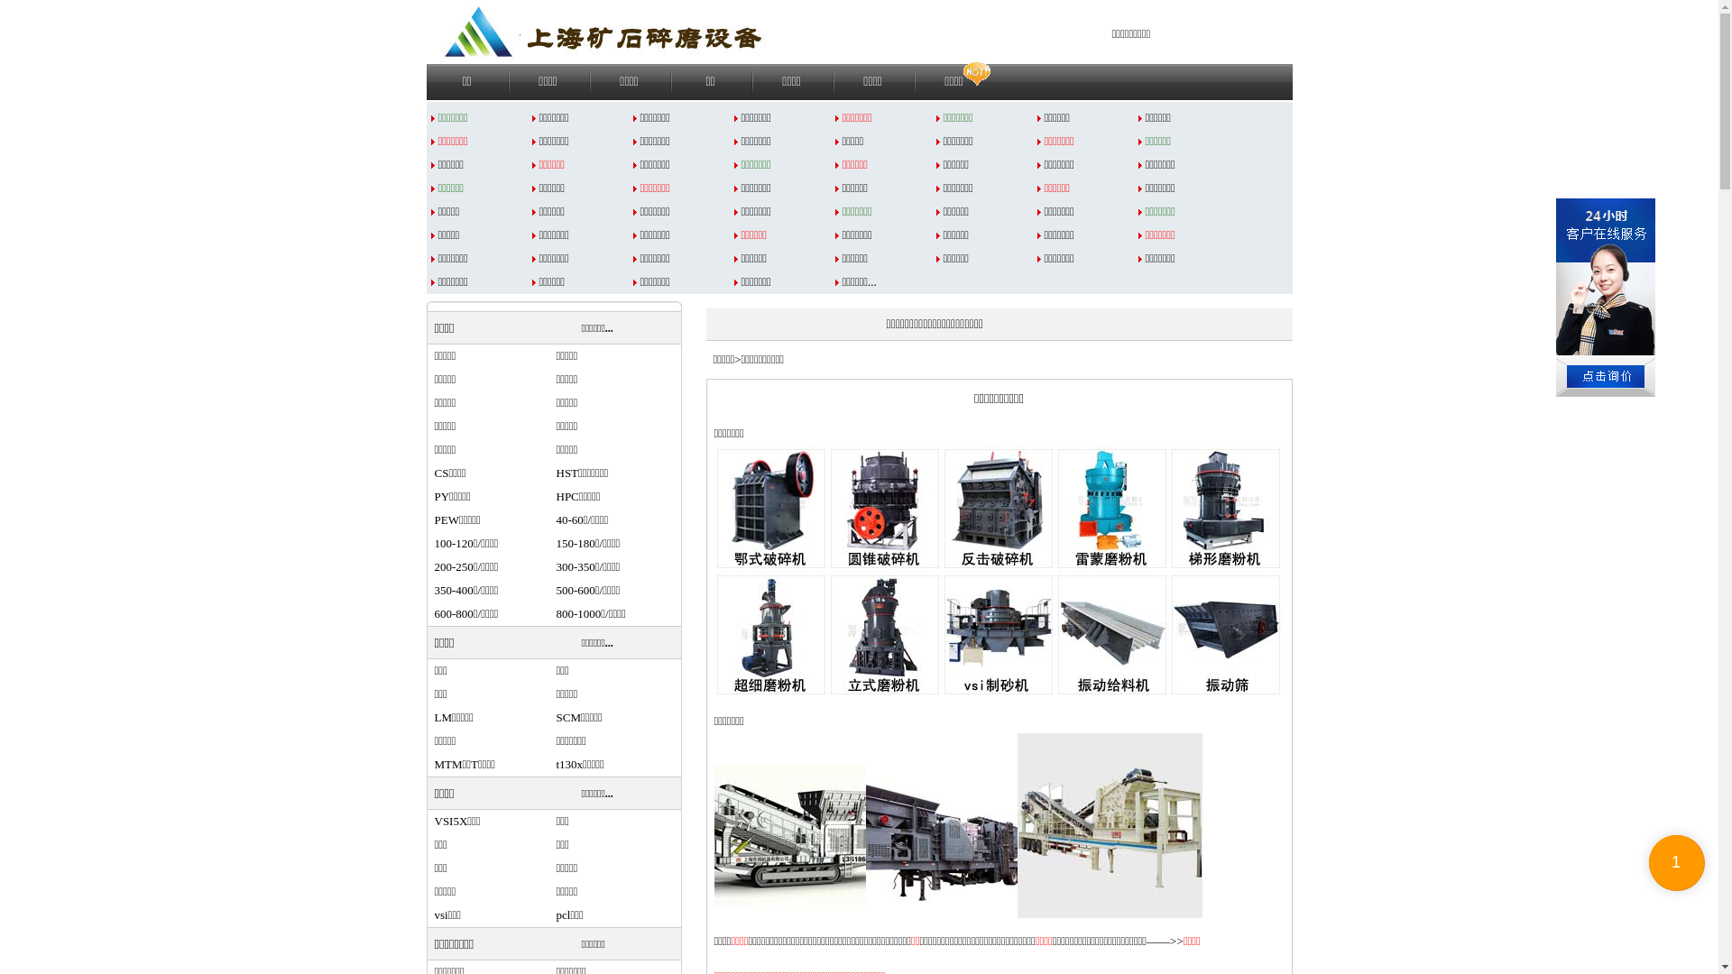 Image resolution: width=1732 pixels, height=974 pixels. I want to click on '1', so click(1675, 861).